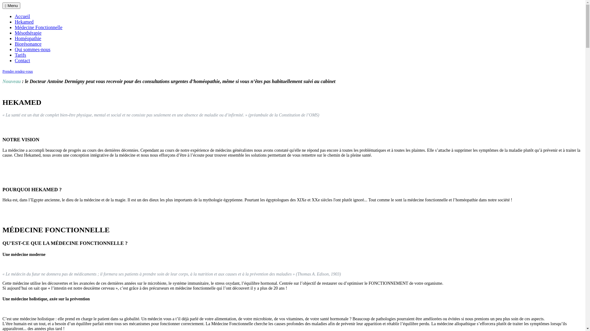  Describe the element at coordinates (2, 6) in the screenshot. I see `'Menu'` at that location.